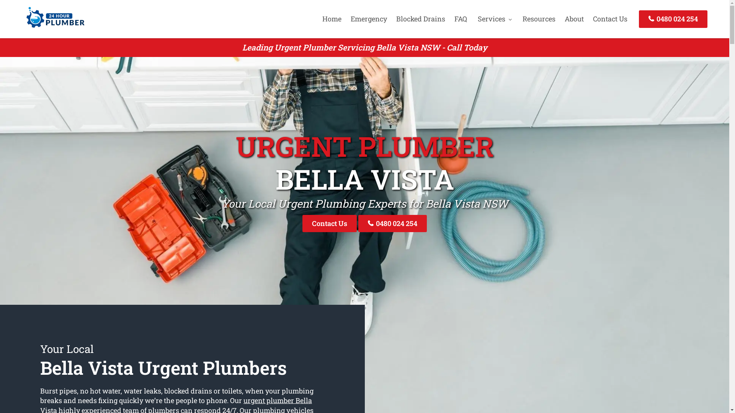 This screenshot has width=735, height=413. I want to click on 'Blocked Drains', so click(420, 18).